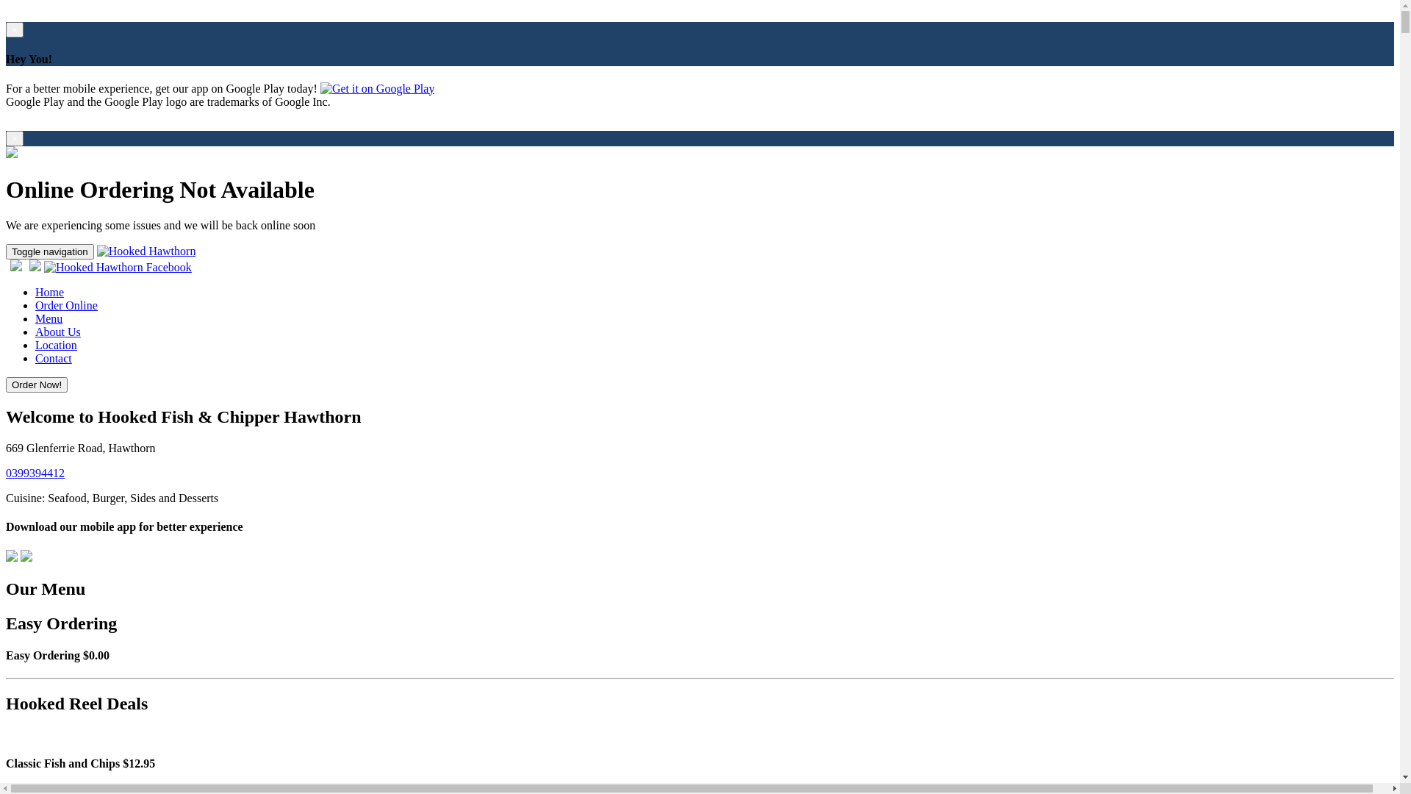 The image size is (1411, 794). Describe the element at coordinates (35, 332) in the screenshot. I see `'About Us'` at that location.